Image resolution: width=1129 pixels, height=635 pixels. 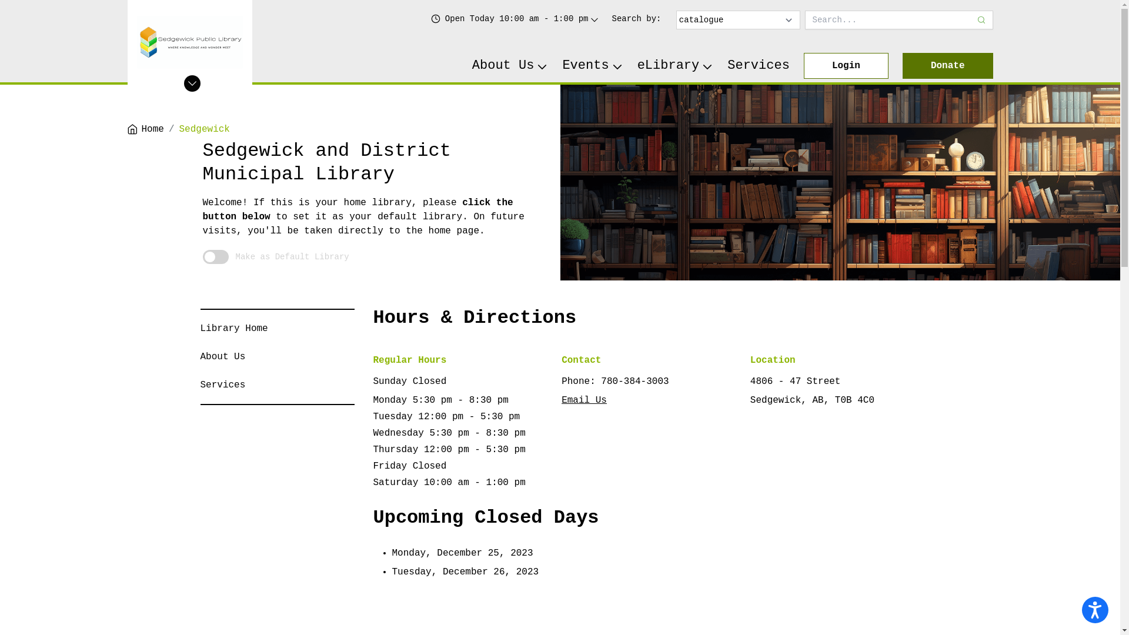 I want to click on 'eLibrary', so click(x=675, y=65).